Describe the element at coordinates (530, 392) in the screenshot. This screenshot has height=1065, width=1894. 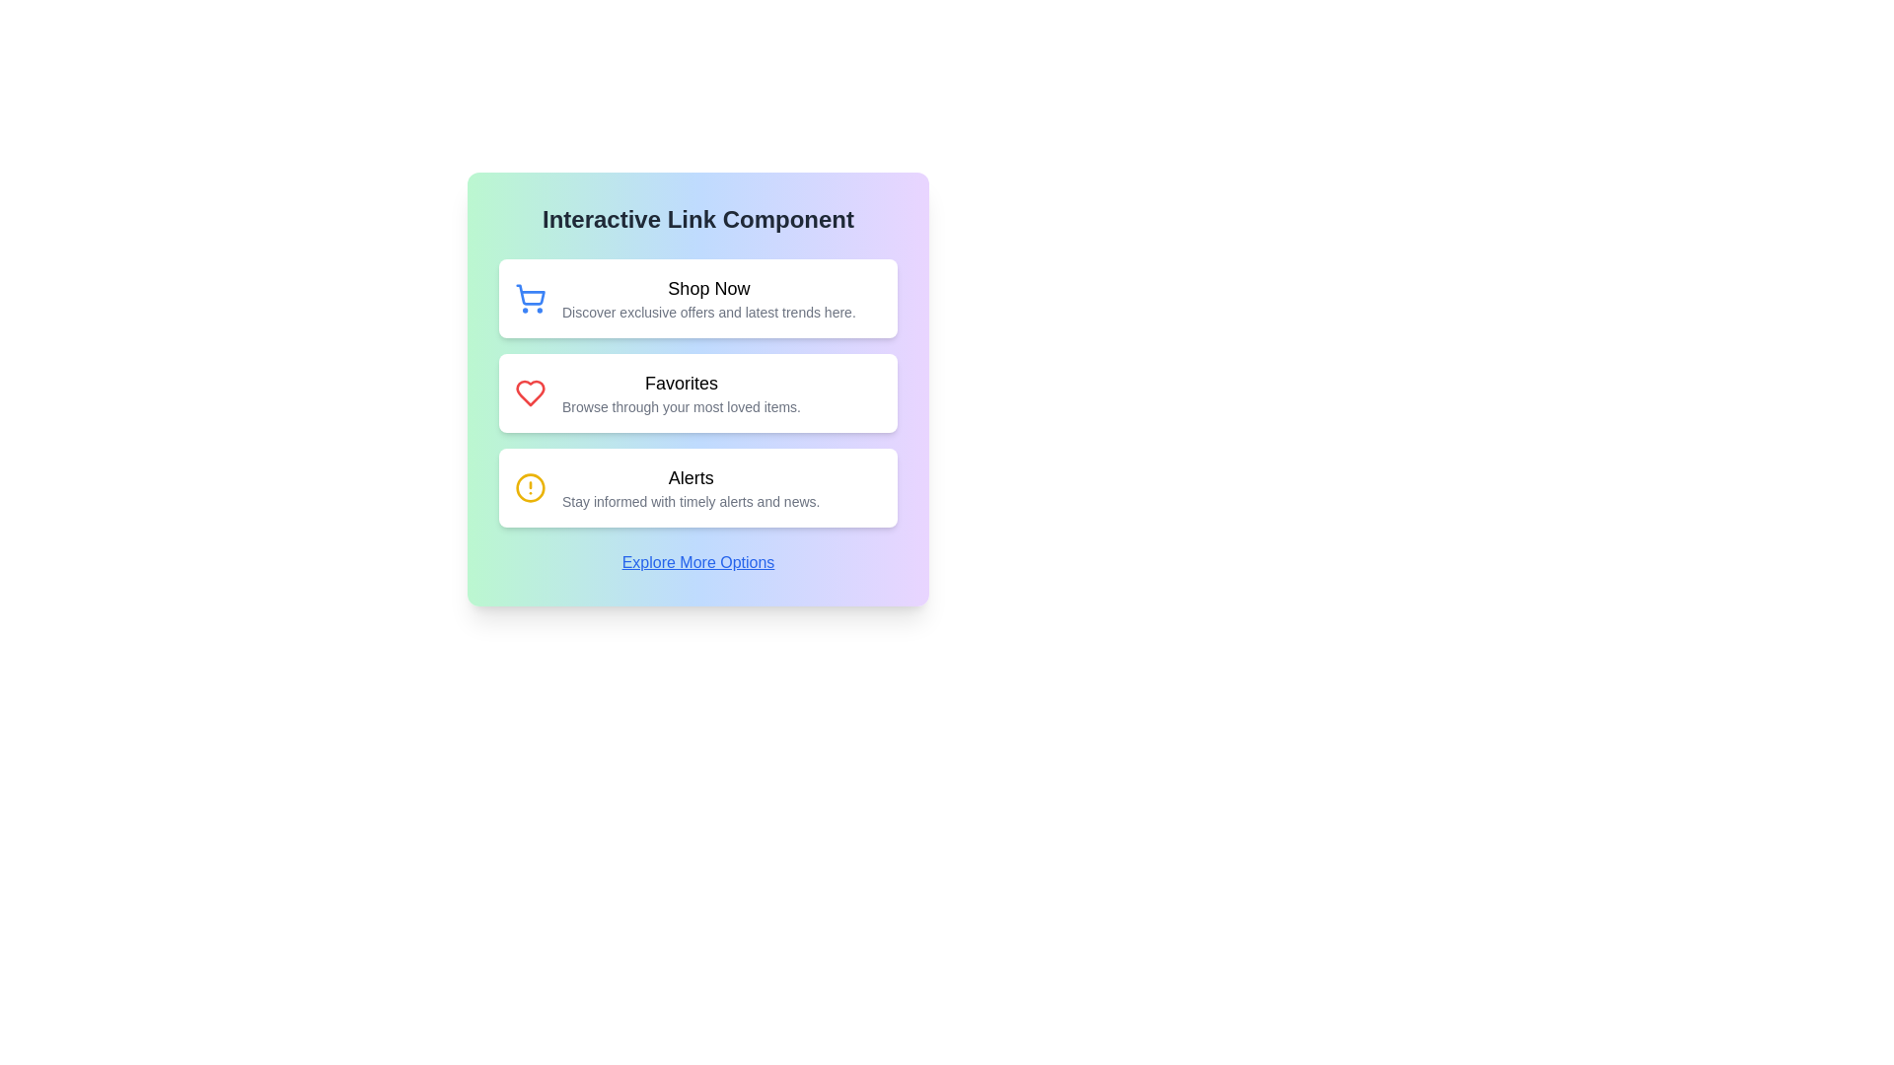
I see `the heart-shaped icon in the 'Favorites' section, which is bright red and has a modern stroke-style design` at that location.